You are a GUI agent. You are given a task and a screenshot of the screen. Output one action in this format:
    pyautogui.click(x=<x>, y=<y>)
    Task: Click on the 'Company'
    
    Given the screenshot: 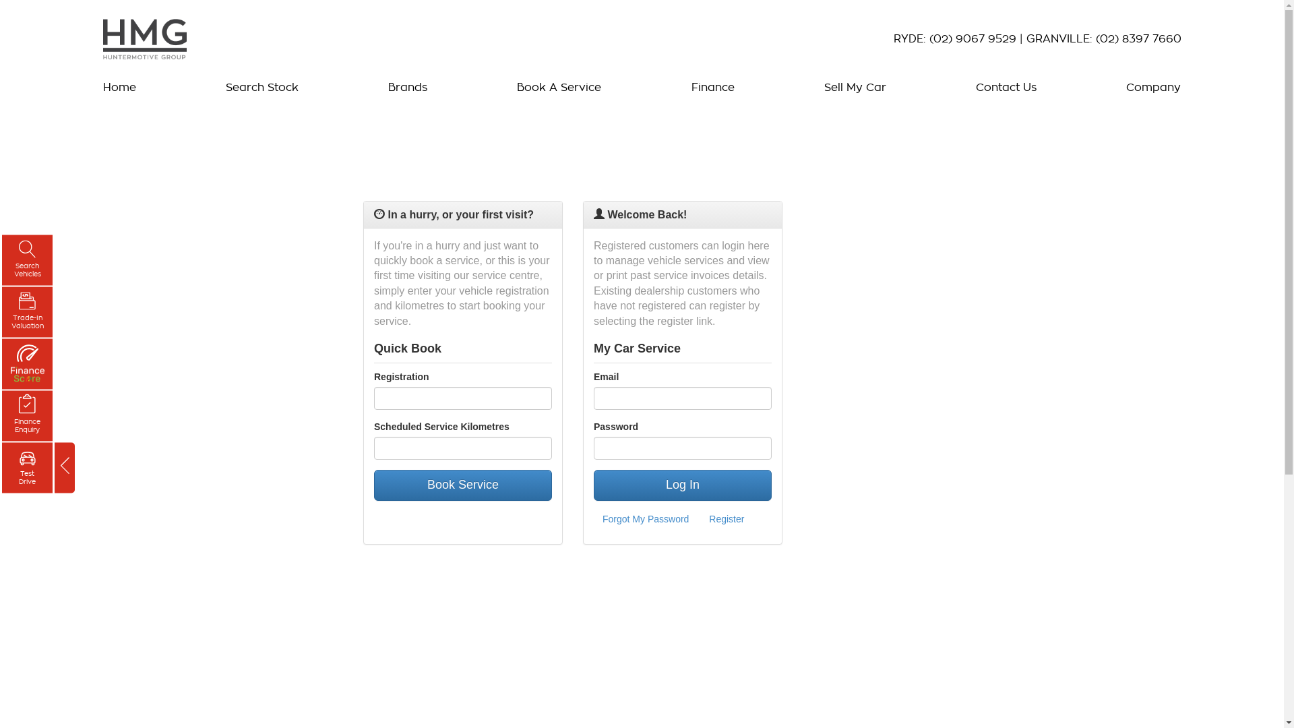 What is the action you would take?
    pyautogui.click(x=1149, y=88)
    